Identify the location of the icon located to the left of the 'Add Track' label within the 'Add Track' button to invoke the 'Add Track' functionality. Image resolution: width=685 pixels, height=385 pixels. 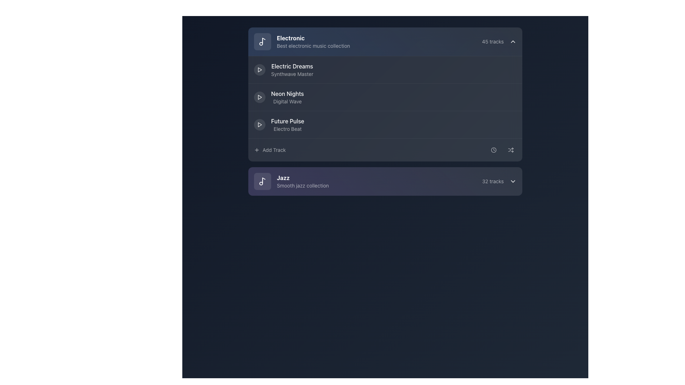
(257, 149).